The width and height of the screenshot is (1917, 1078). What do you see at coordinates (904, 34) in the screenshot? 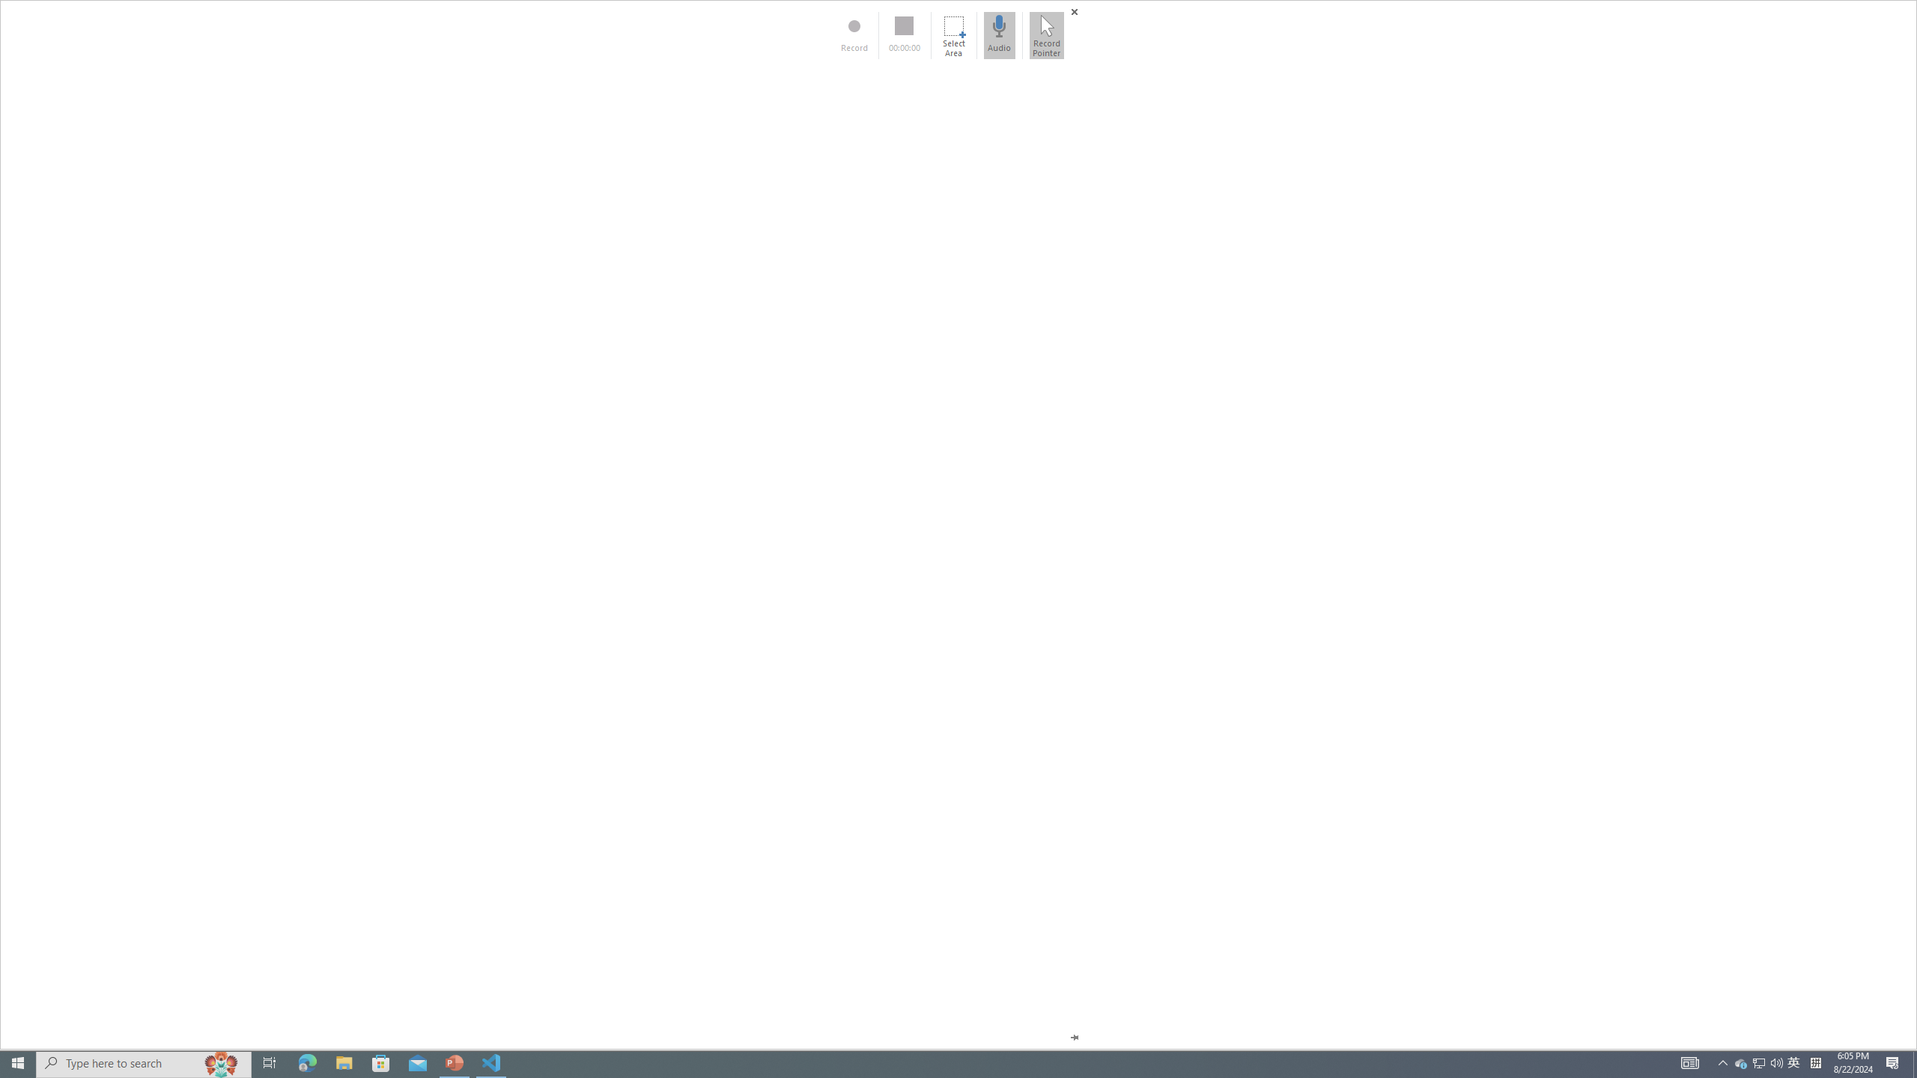
I see `'00:00:00'` at bounding box center [904, 34].